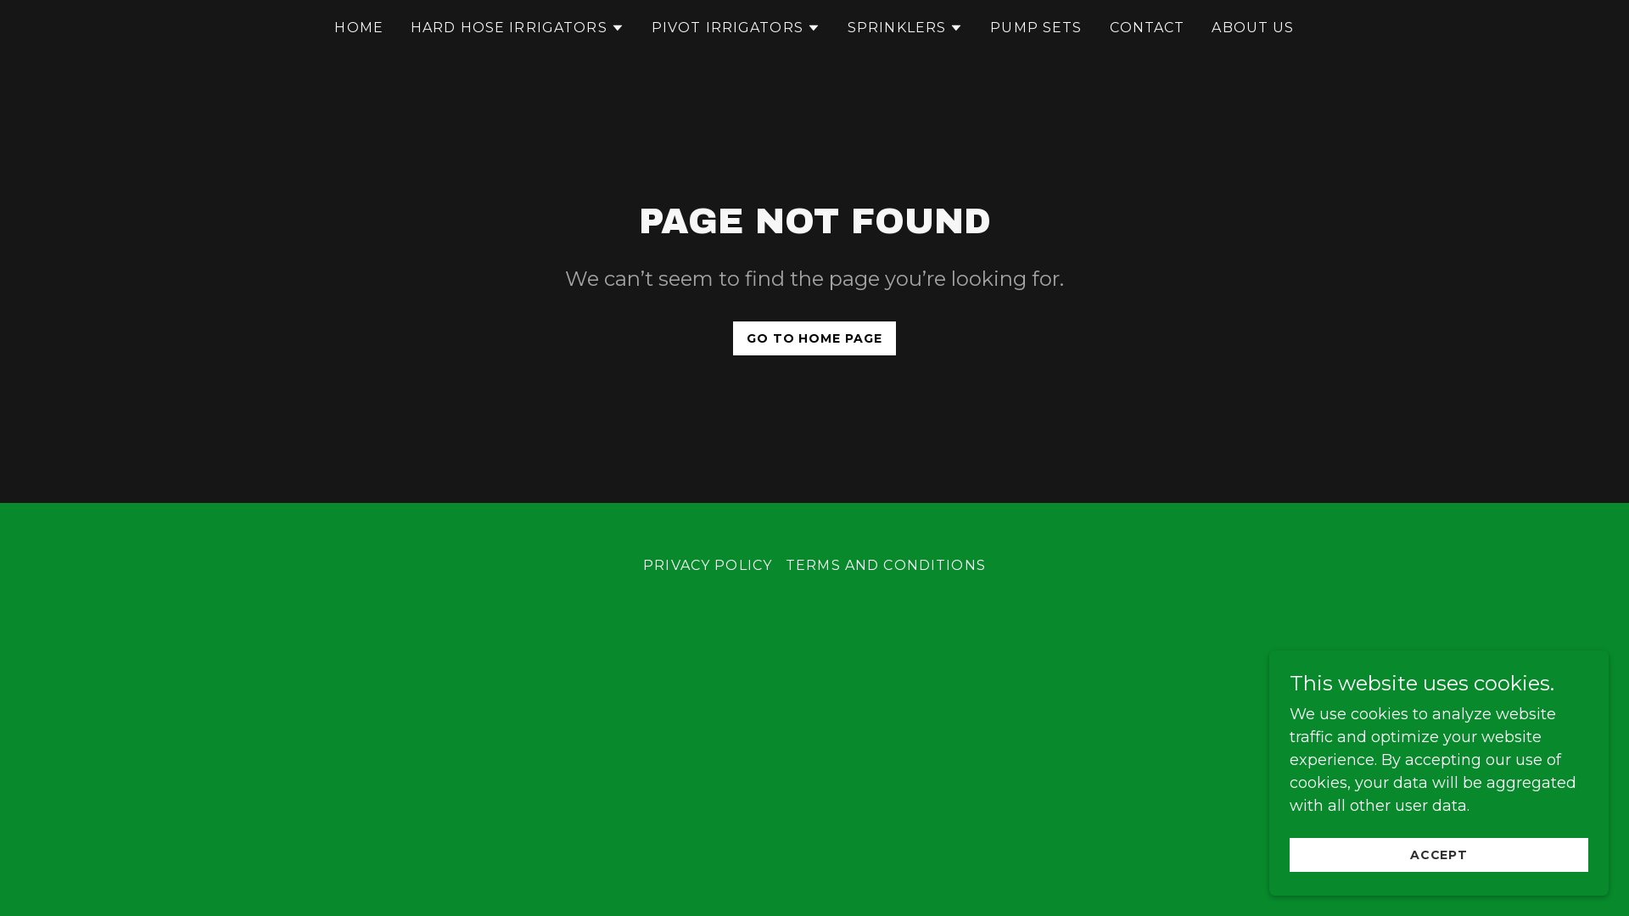 The image size is (1629, 916). I want to click on 'TERMS AND CONDITIONS', so click(777, 565).